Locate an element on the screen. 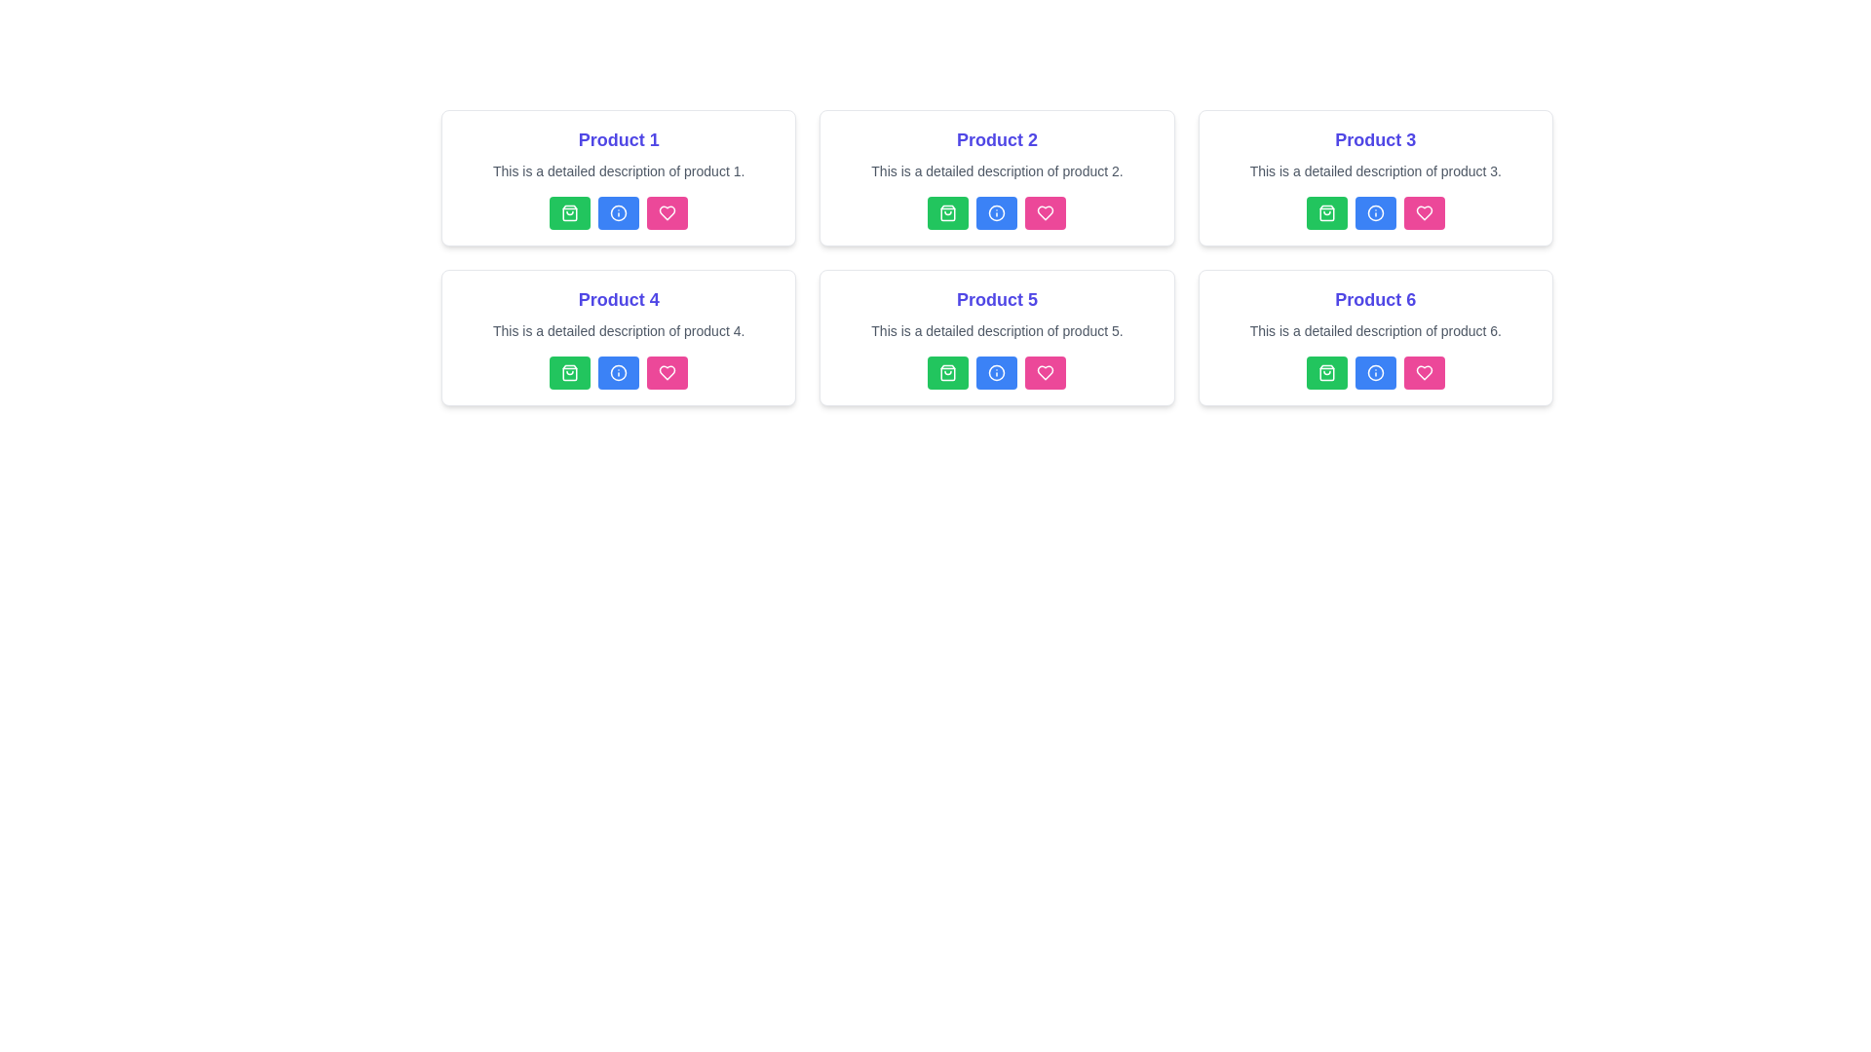 Image resolution: width=1871 pixels, height=1052 pixels. the circular blue icon with a white border containing a lowercase 'i' for information, located in the control panel under the 'Product 1' section is located at coordinates (618, 213).